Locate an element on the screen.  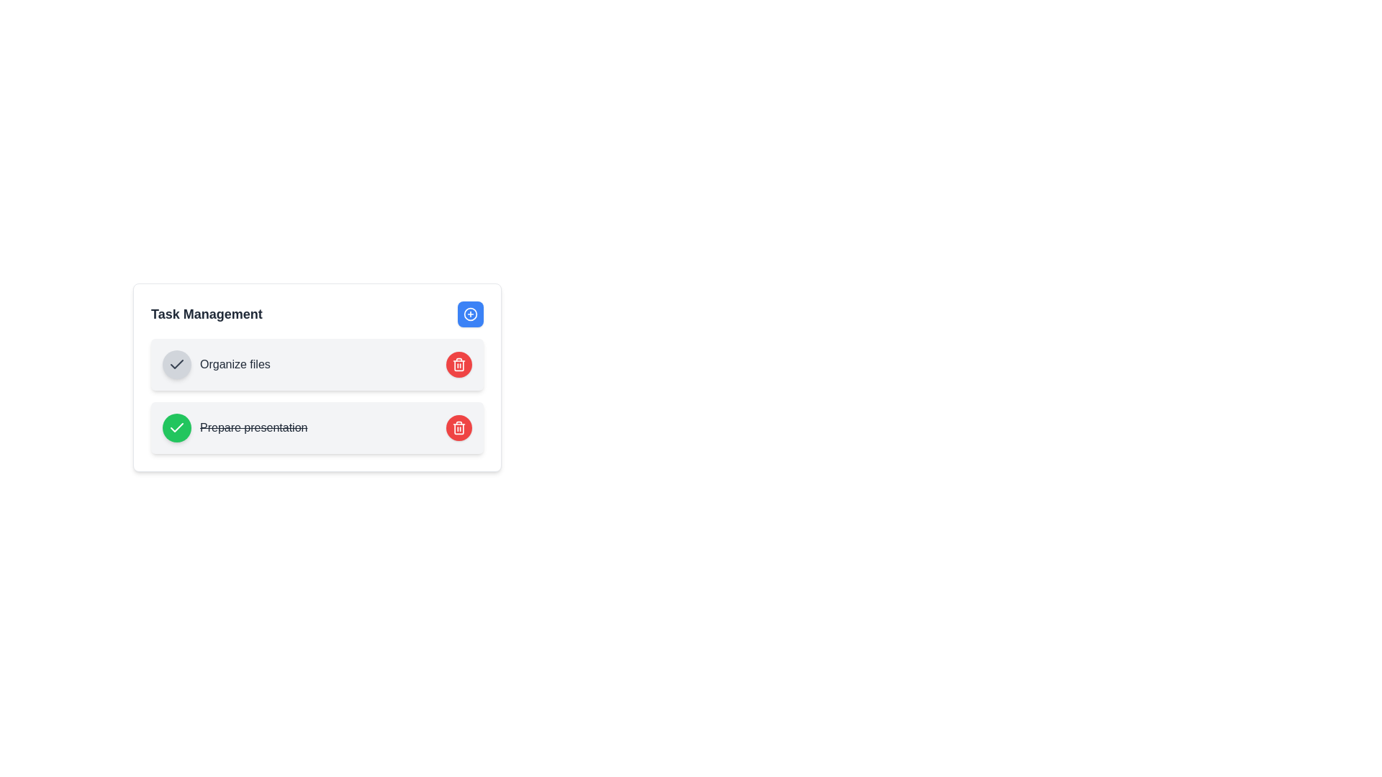
the inner circle of the add-circle icon located at the top right corner of the task management interface panel is located at coordinates (470, 313).